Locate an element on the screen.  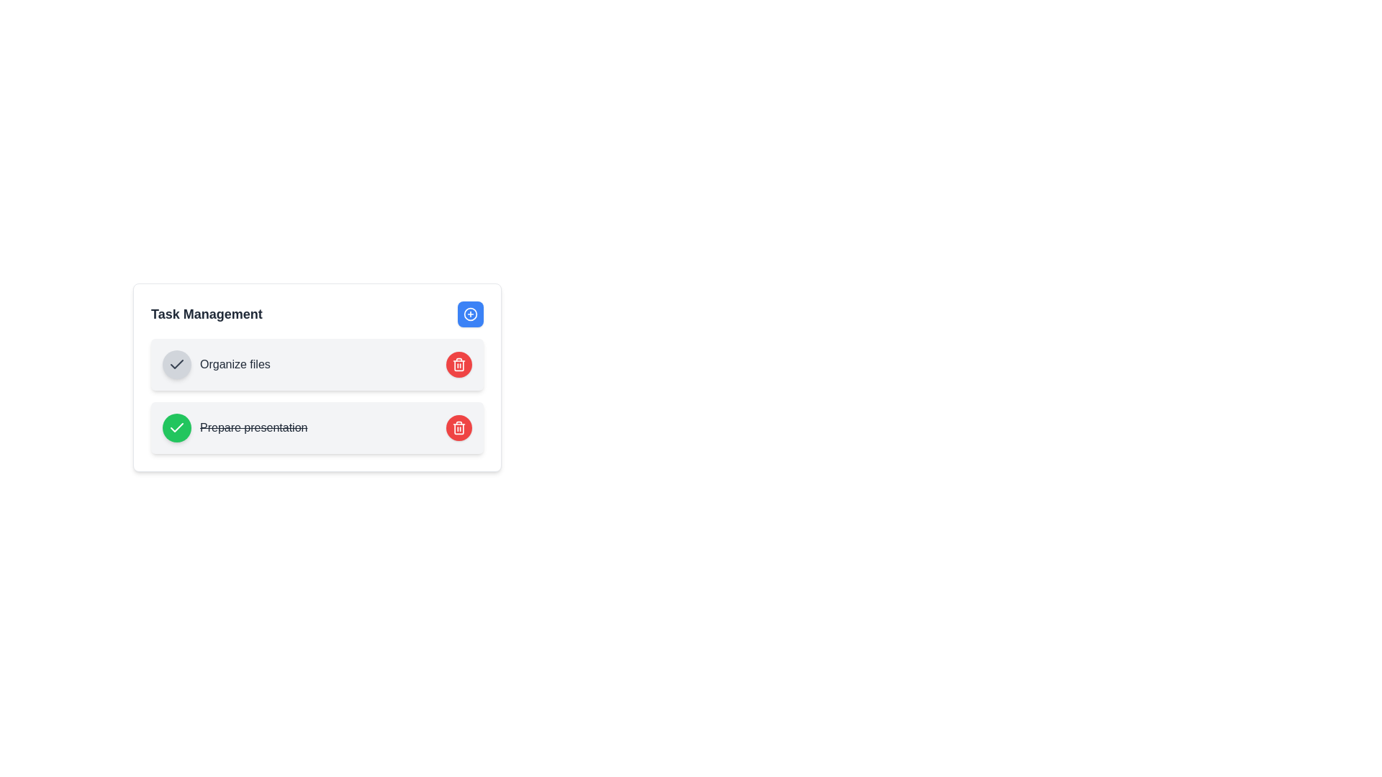
the inner circle of the add-circle icon located at the top right corner of the task management interface panel is located at coordinates (470, 313).